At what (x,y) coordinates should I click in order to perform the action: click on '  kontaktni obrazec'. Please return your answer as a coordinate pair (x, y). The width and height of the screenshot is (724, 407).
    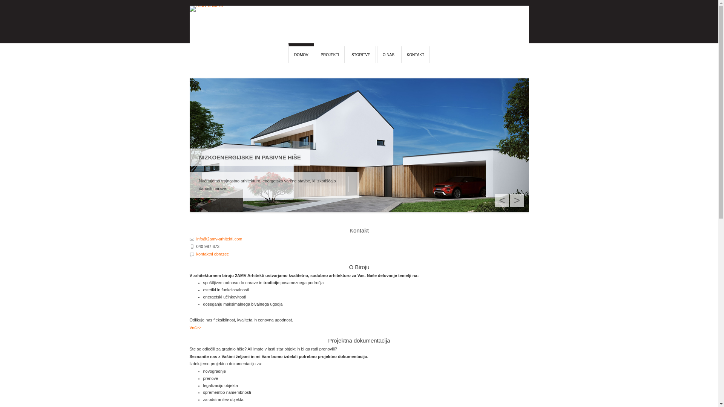
    Looking at the image, I should click on (211, 254).